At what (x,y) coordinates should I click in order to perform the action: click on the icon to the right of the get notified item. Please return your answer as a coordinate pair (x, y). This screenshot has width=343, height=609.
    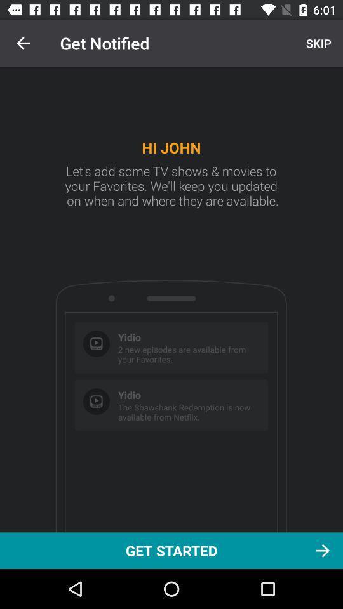
    Looking at the image, I should click on (316, 43).